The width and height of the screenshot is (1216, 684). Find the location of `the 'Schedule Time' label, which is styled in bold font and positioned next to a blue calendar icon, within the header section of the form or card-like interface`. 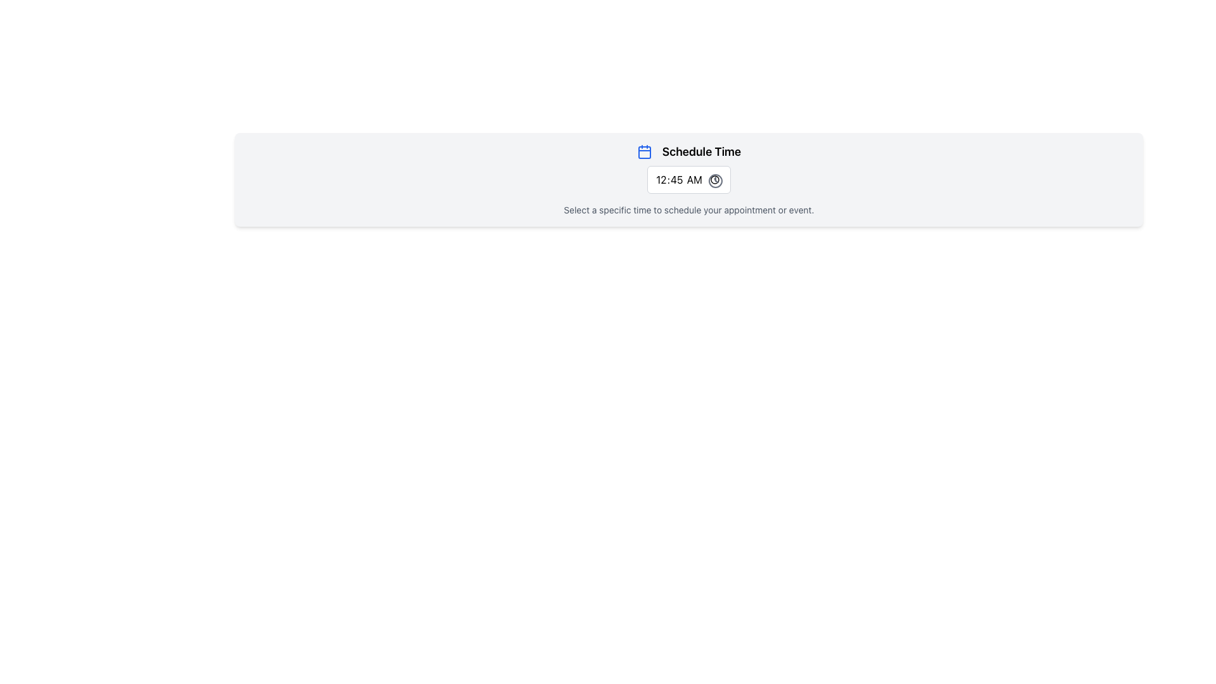

the 'Schedule Time' label, which is styled in bold font and positioned next to a blue calendar icon, within the header section of the form or card-like interface is located at coordinates (688, 151).